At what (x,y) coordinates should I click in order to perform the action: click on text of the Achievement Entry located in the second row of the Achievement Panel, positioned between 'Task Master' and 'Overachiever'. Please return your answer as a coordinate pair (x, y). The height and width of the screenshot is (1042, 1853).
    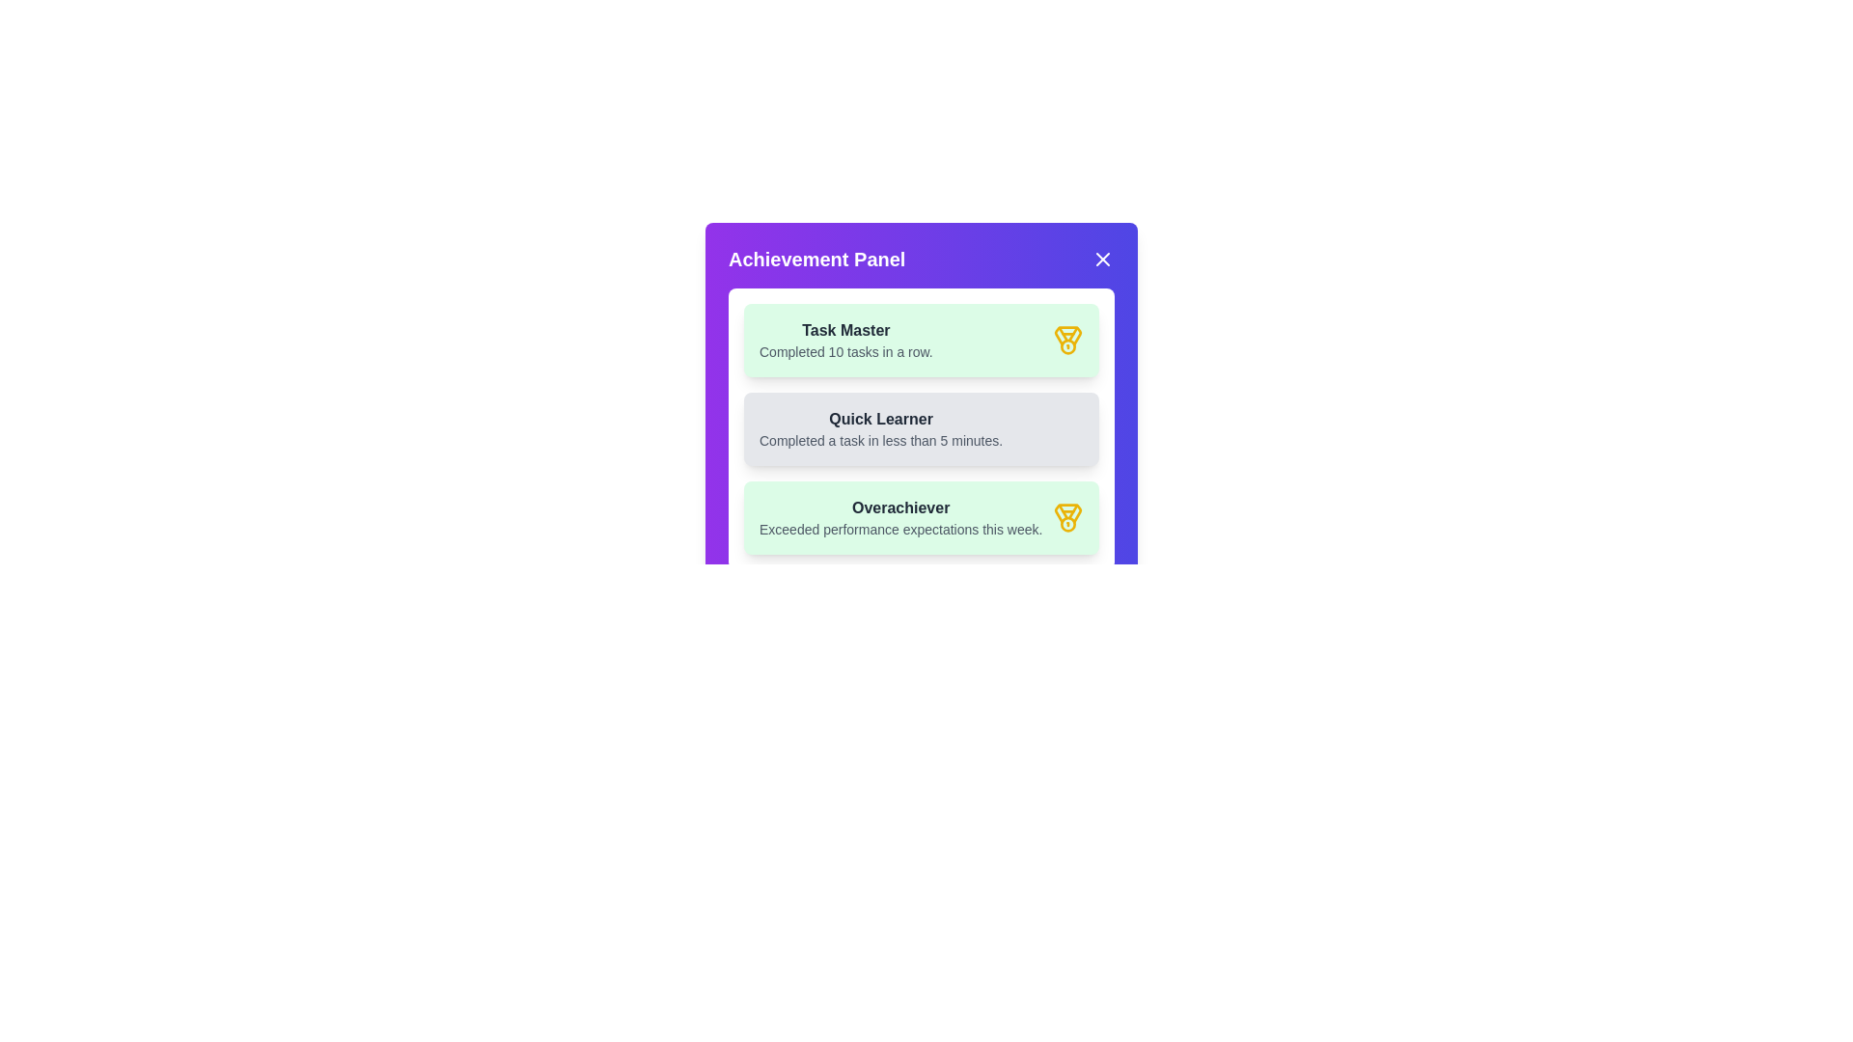
    Looking at the image, I should click on (880, 427).